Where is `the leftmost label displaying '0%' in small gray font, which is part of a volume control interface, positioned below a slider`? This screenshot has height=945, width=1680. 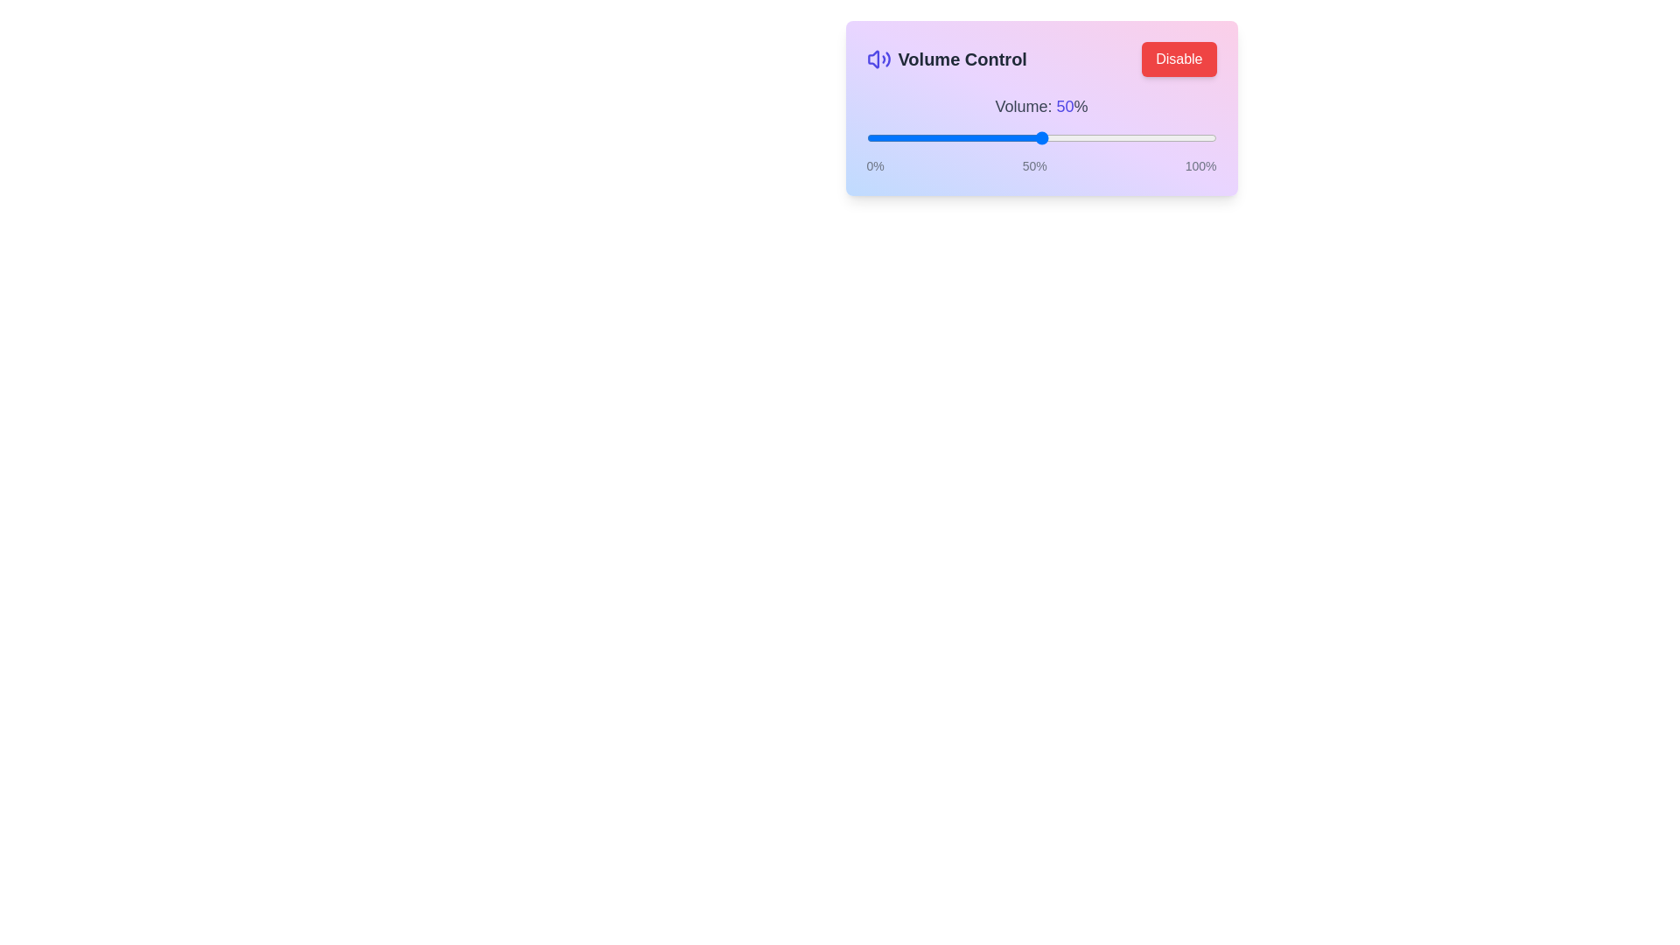
the leftmost label displaying '0%' in small gray font, which is part of a volume control interface, positioned below a slider is located at coordinates (875, 165).